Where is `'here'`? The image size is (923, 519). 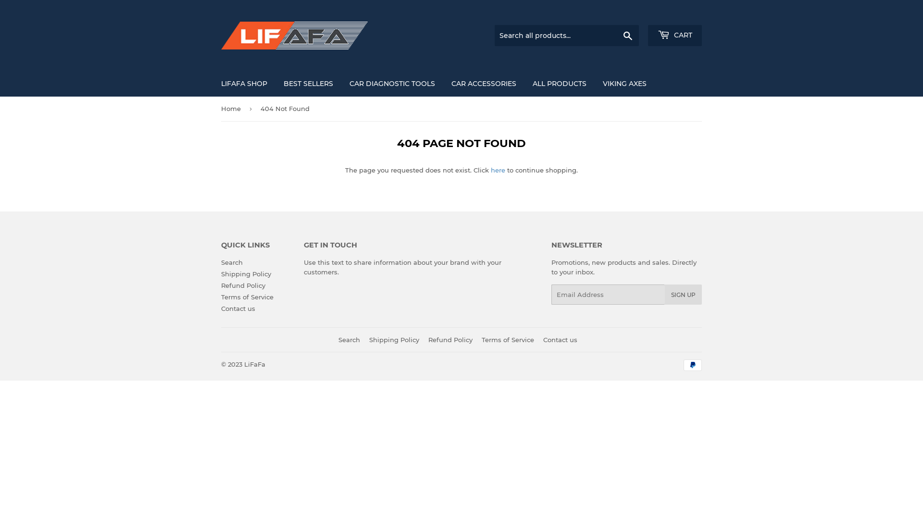 'here' is located at coordinates (498, 170).